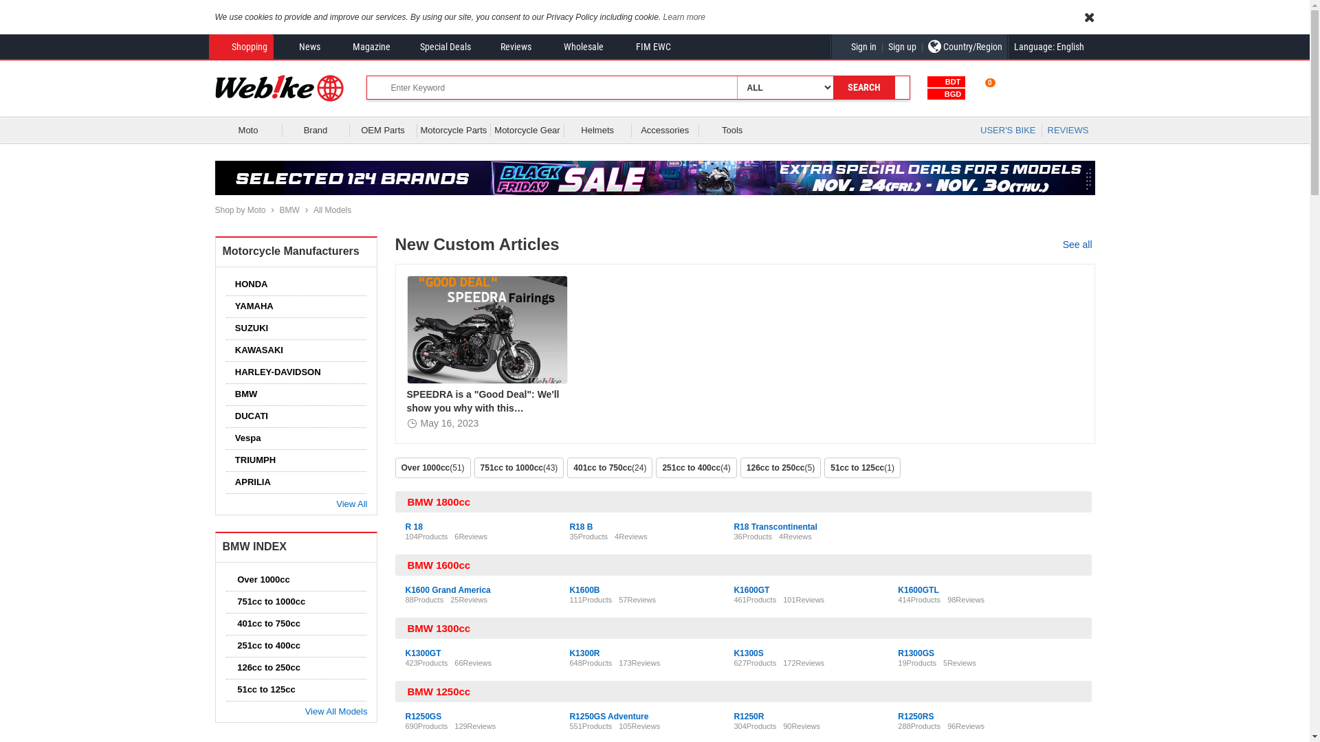 The width and height of the screenshot is (1320, 742). I want to click on 'R18 Transcontinental', so click(775, 526).